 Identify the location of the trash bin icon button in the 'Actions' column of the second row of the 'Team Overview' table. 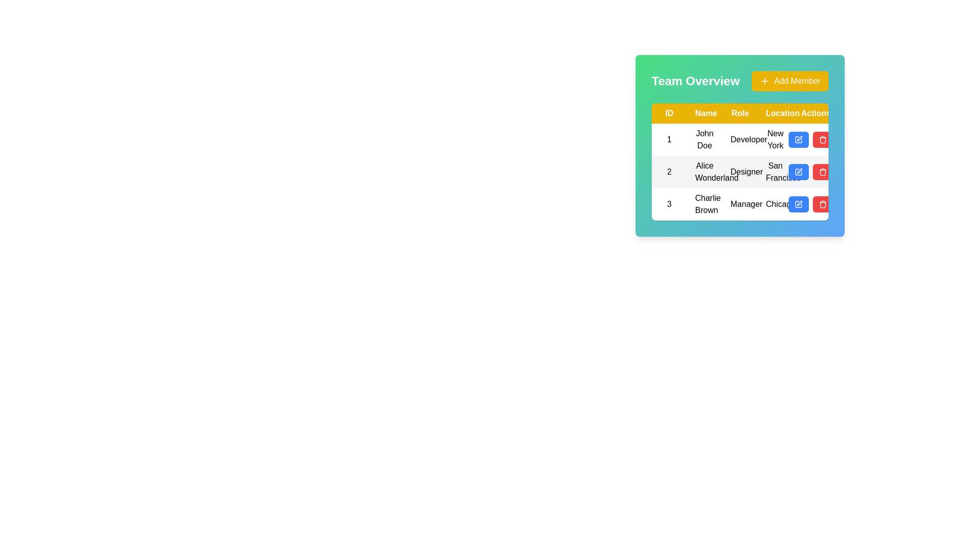
(822, 171).